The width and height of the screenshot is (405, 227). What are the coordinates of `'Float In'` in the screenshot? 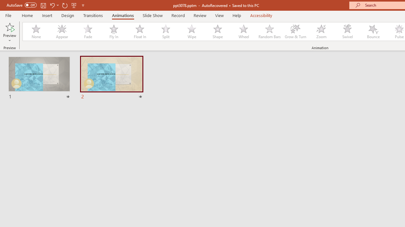 It's located at (139, 32).